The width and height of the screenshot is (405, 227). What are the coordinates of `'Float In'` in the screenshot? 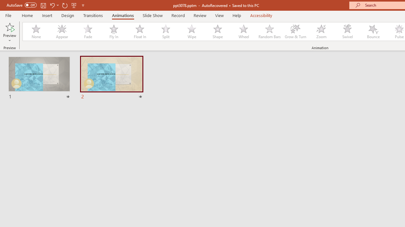 It's located at (139, 32).